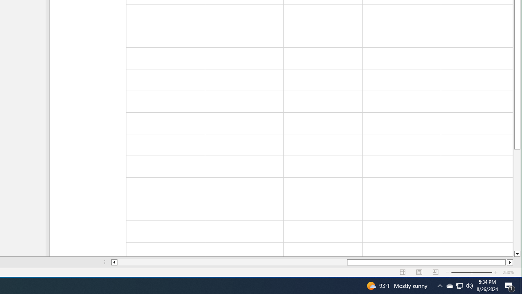 This screenshot has height=294, width=522. Describe the element at coordinates (440, 285) in the screenshot. I see `'Notification Chevron'` at that location.